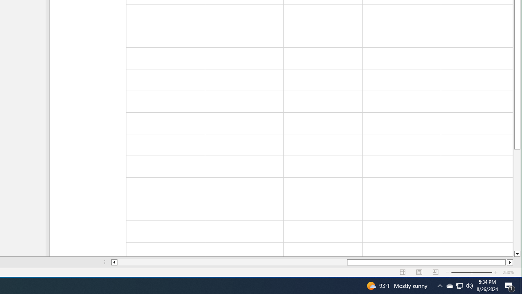 This screenshot has height=294, width=522. Describe the element at coordinates (440, 285) in the screenshot. I see `'Notification Chevron'` at that location.